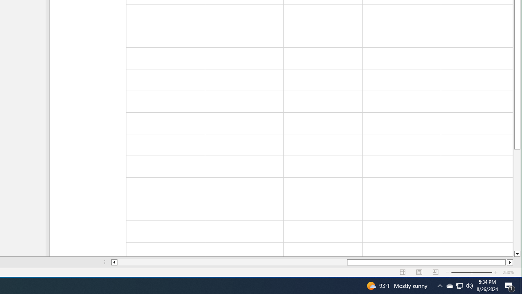 This screenshot has height=294, width=522. Describe the element at coordinates (440, 285) in the screenshot. I see `'Notification Chevron'` at that location.